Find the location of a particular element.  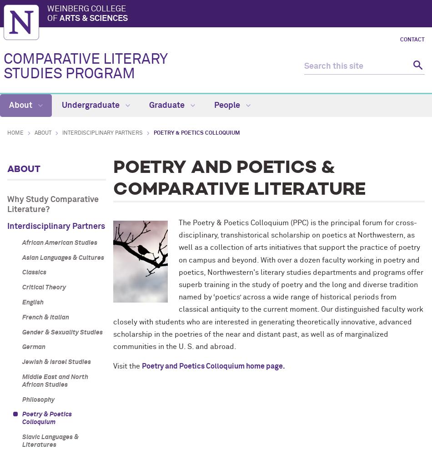

'Weinberg College' is located at coordinates (86, 9).